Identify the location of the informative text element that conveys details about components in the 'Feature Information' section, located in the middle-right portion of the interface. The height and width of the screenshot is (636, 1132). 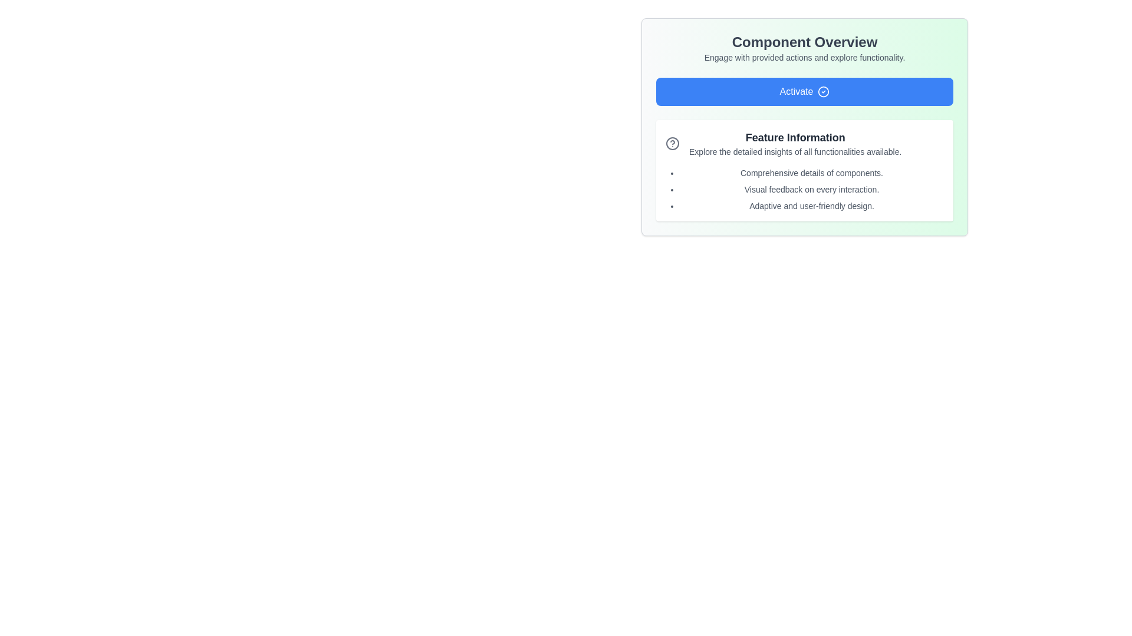
(811, 173).